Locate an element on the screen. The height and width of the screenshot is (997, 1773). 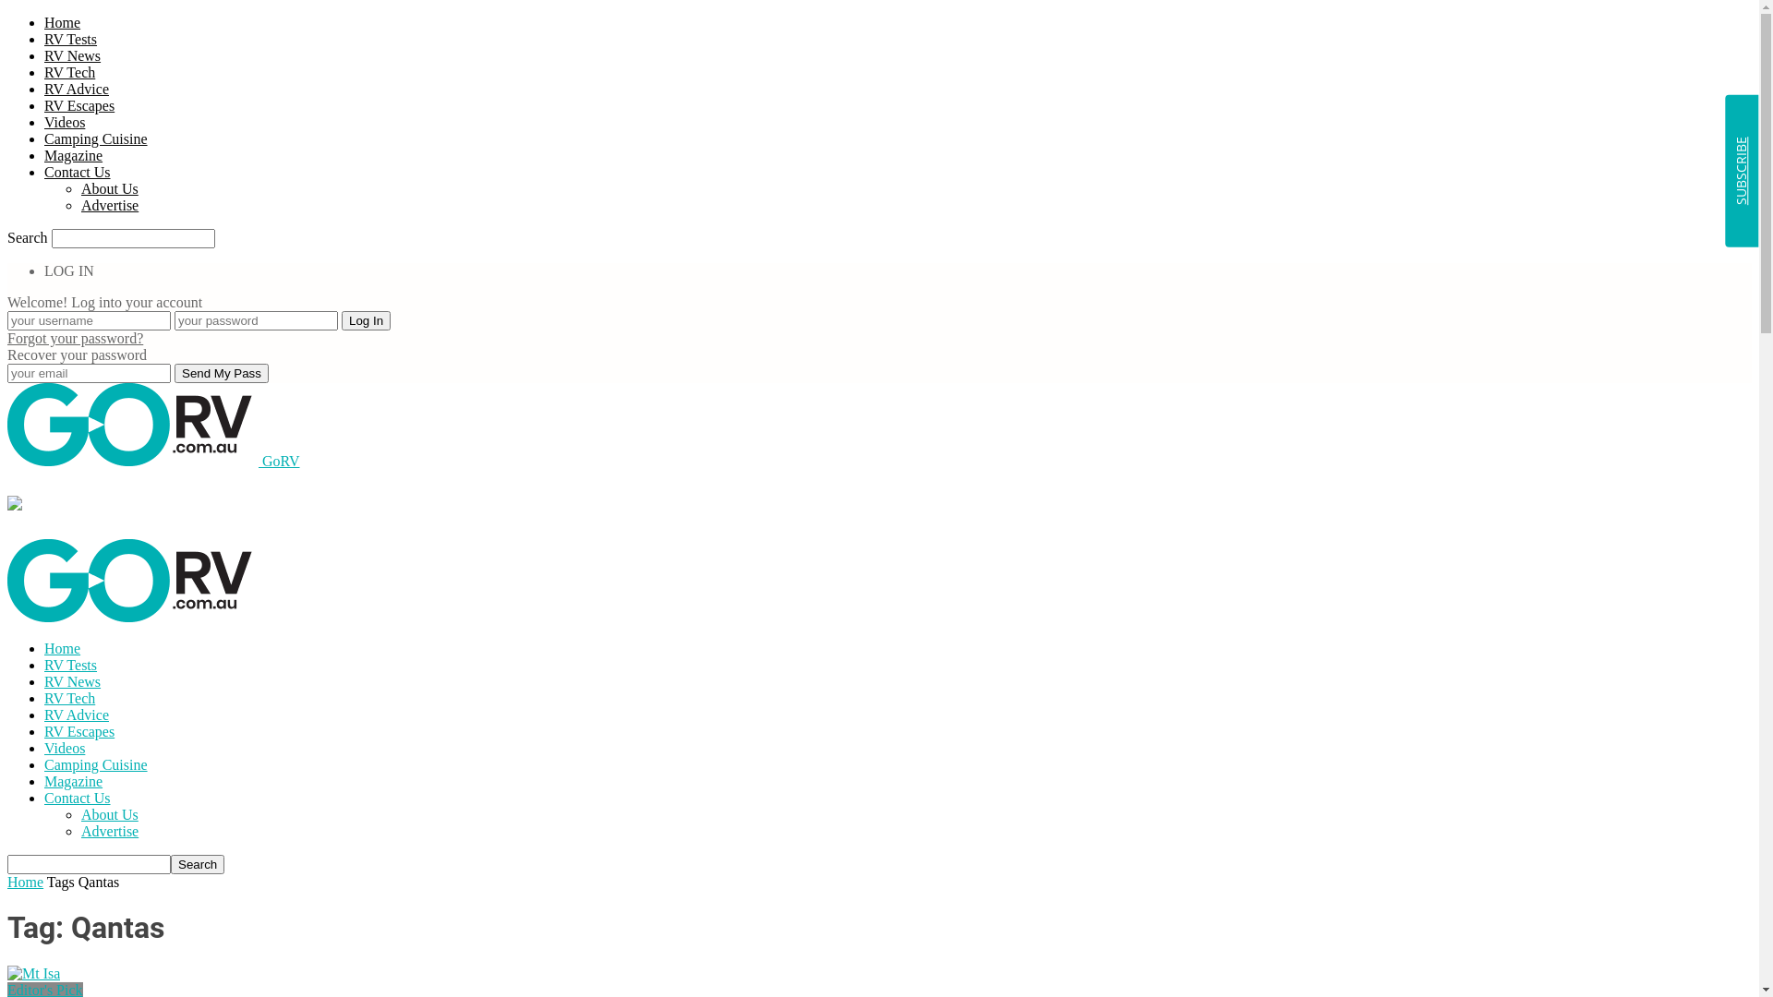
'About Us' is located at coordinates (109, 188).